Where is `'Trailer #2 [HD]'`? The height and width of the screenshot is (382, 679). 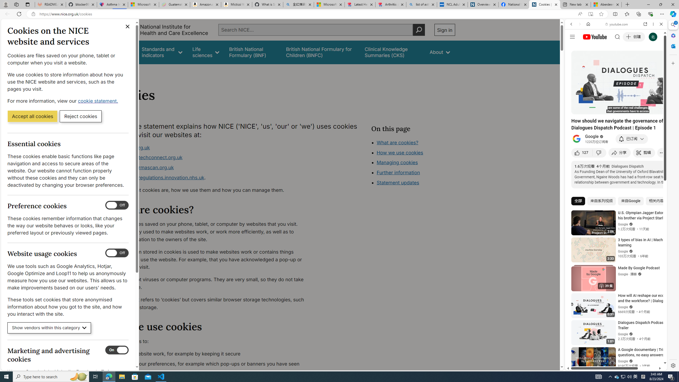
'Trailer #2 [HD]' is located at coordinates (615, 157).